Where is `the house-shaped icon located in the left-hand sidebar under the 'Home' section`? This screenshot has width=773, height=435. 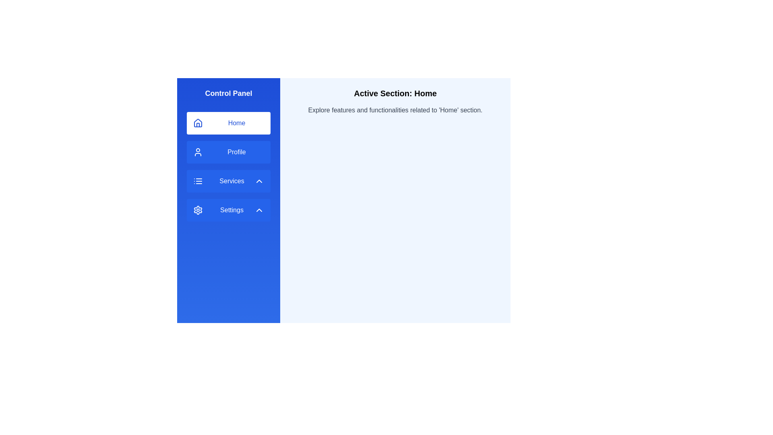
the house-shaped icon located in the left-hand sidebar under the 'Home' section is located at coordinates (198, 123).